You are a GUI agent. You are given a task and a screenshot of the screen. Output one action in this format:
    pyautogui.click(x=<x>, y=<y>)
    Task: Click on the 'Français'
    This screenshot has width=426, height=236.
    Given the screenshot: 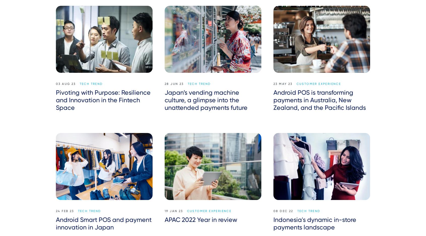 What is the action you would take?
    pyautogui.click(x=318, y=143)
    